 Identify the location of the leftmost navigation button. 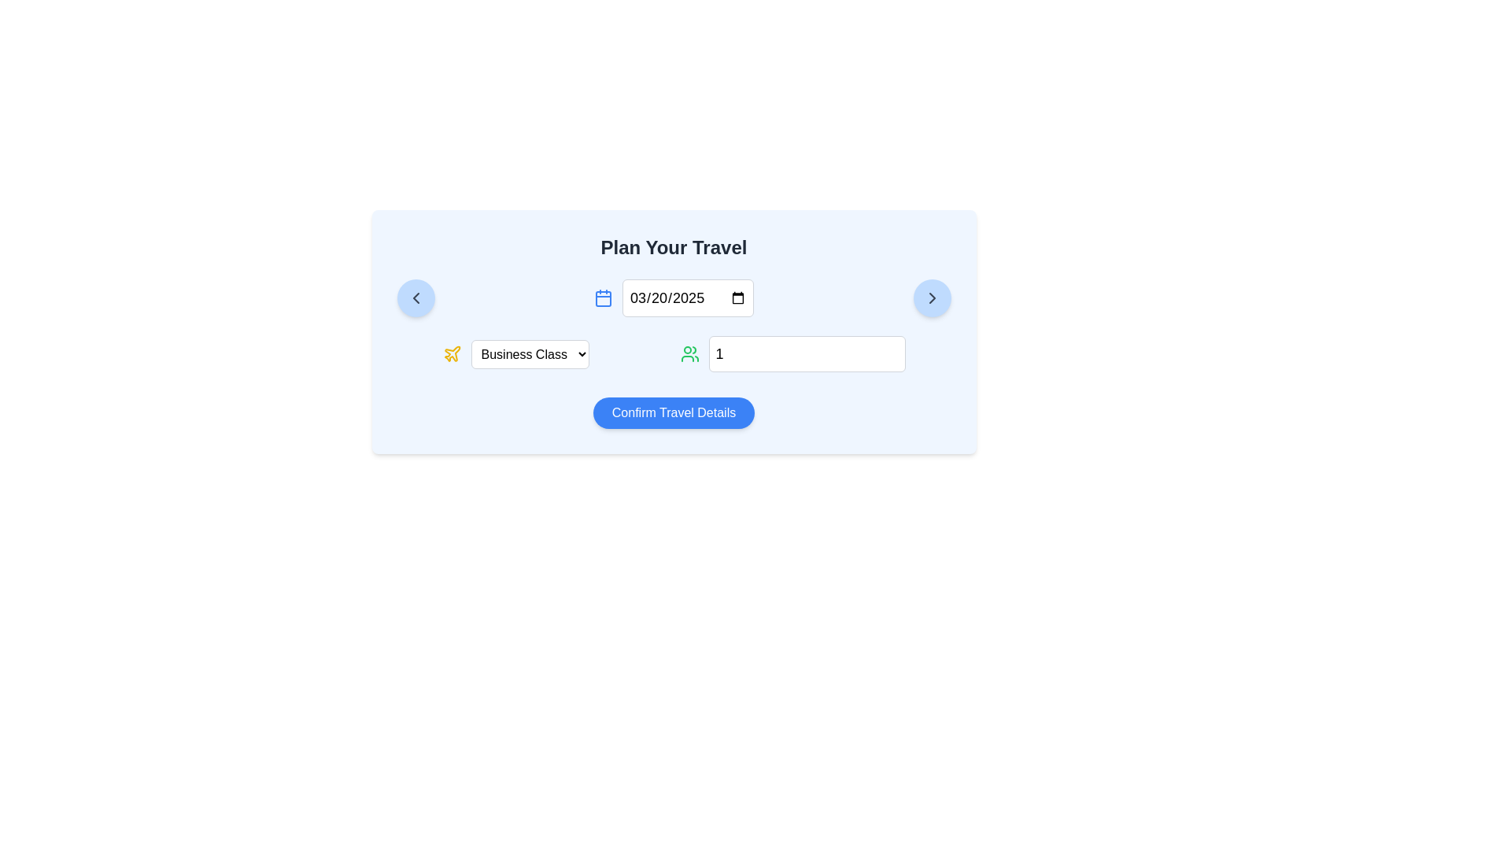
(416, 297).